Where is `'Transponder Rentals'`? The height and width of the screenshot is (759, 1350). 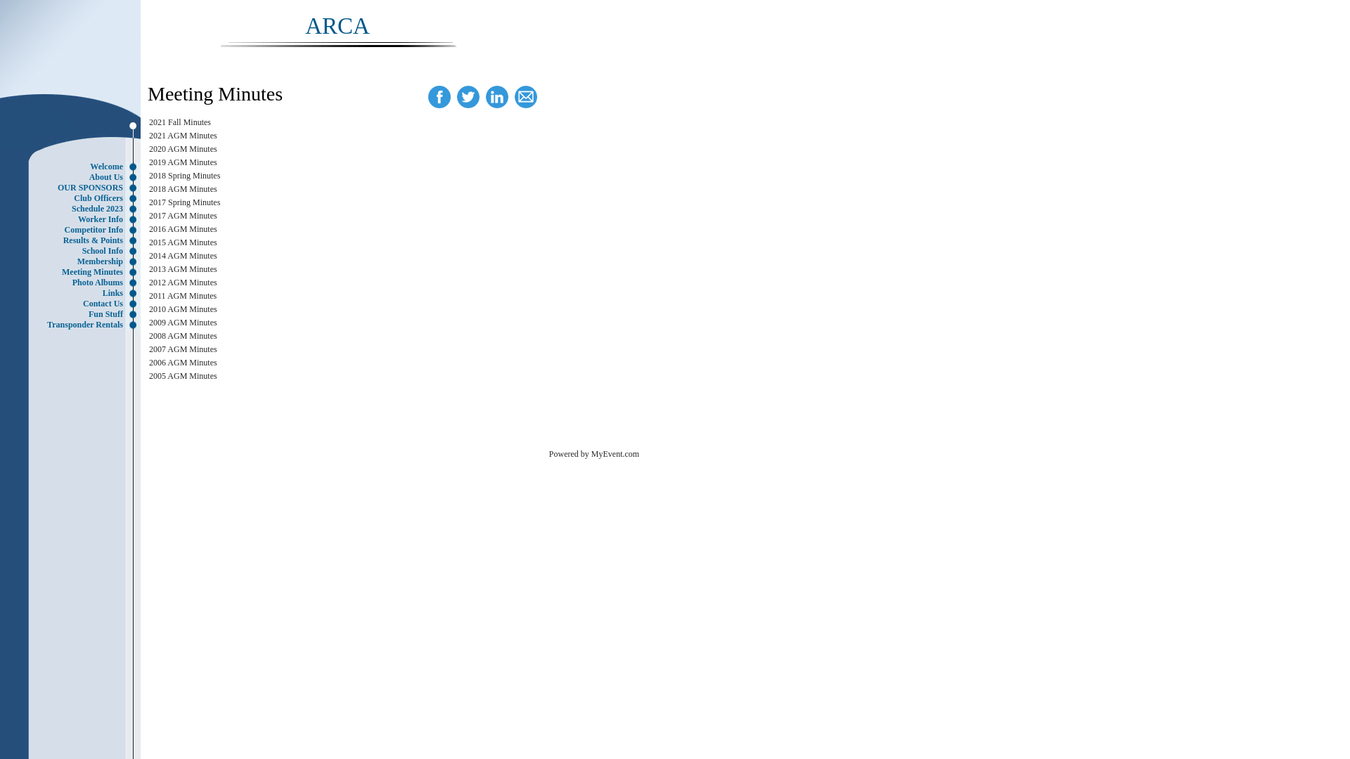
'Transponder Rentals' is located at coordinates (73, 325).